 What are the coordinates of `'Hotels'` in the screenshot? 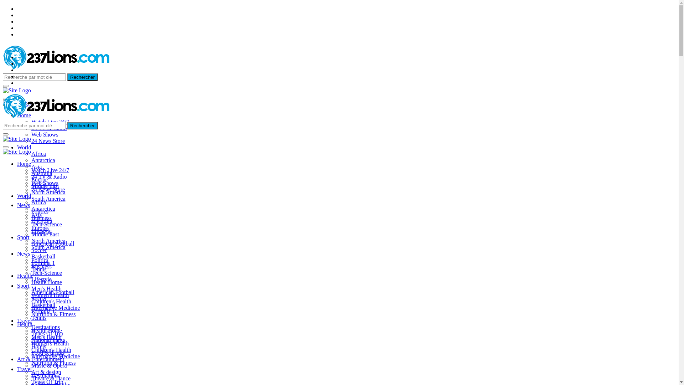 It's located at (38, 346).